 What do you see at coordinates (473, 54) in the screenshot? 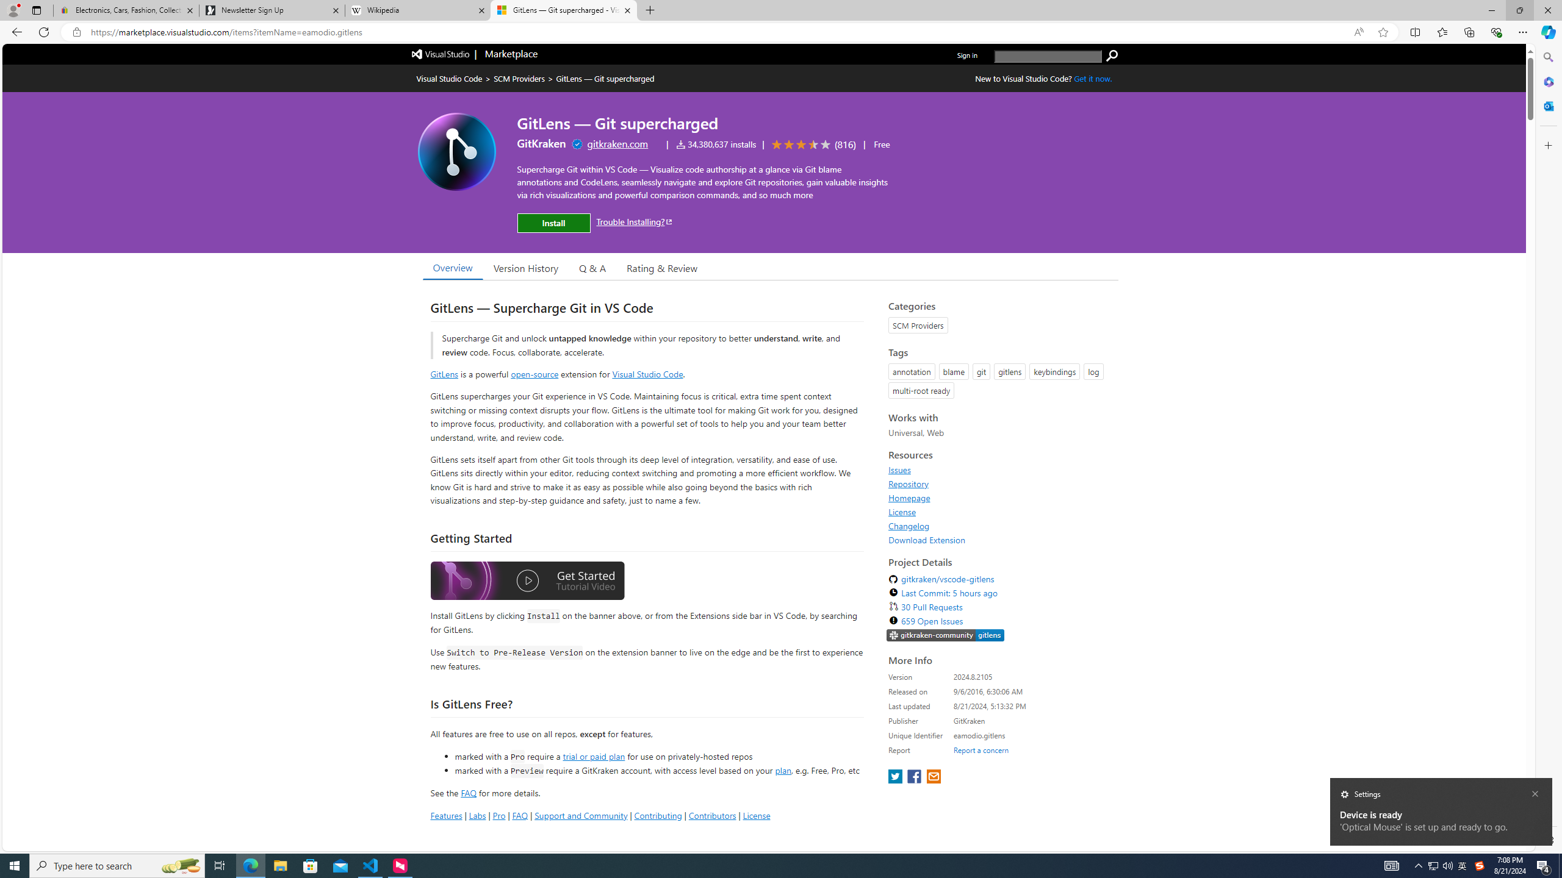
I see `'Visual Studio logo Marketplace logo'` at bounding box center [473, 54].